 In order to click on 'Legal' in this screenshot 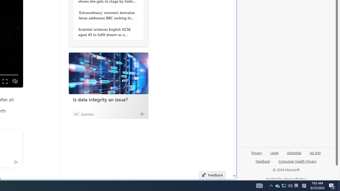, I will do `click(274, 152)`.